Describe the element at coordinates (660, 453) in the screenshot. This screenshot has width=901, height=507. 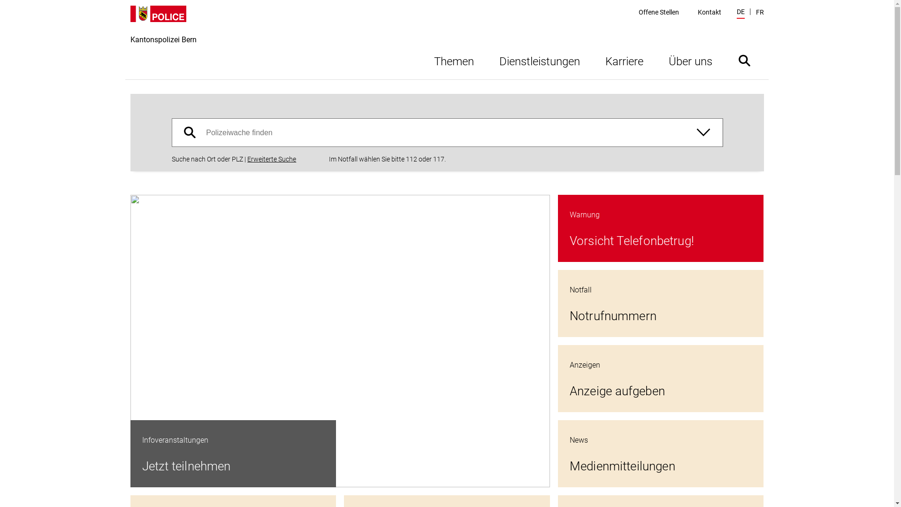
I see `'Medienmitteilungen` at that location.